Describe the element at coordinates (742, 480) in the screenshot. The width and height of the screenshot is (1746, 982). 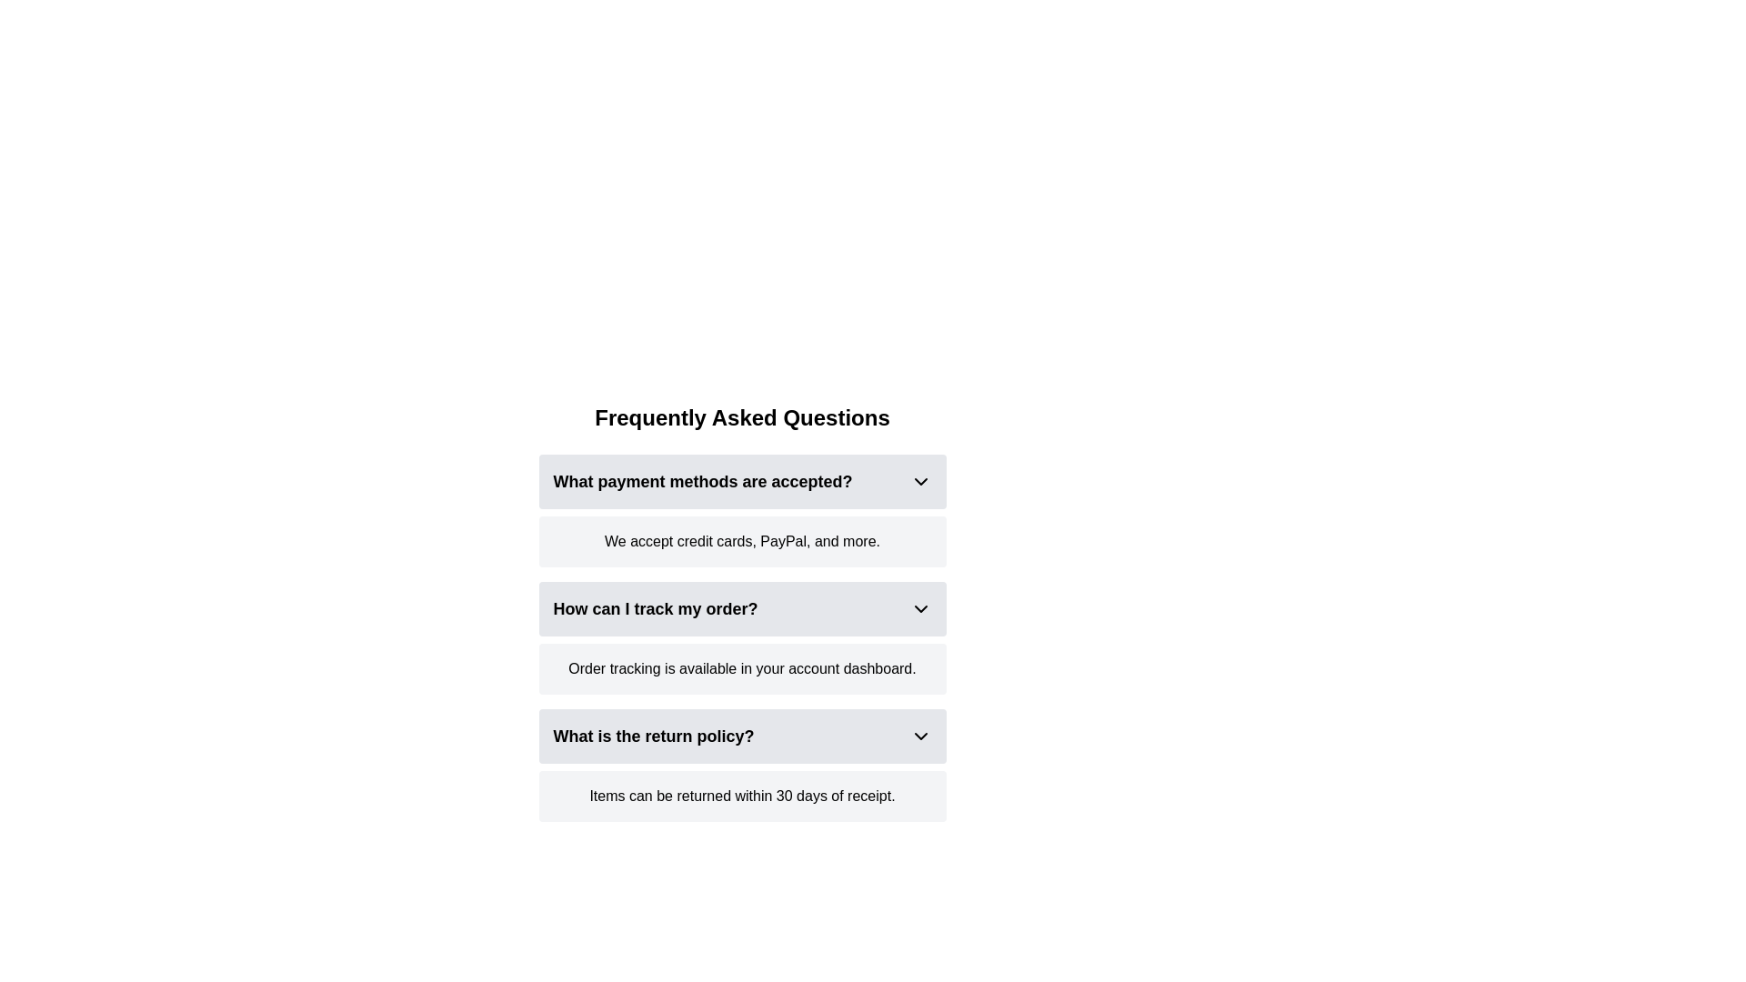
I see `the Toggleable Header` at that location.